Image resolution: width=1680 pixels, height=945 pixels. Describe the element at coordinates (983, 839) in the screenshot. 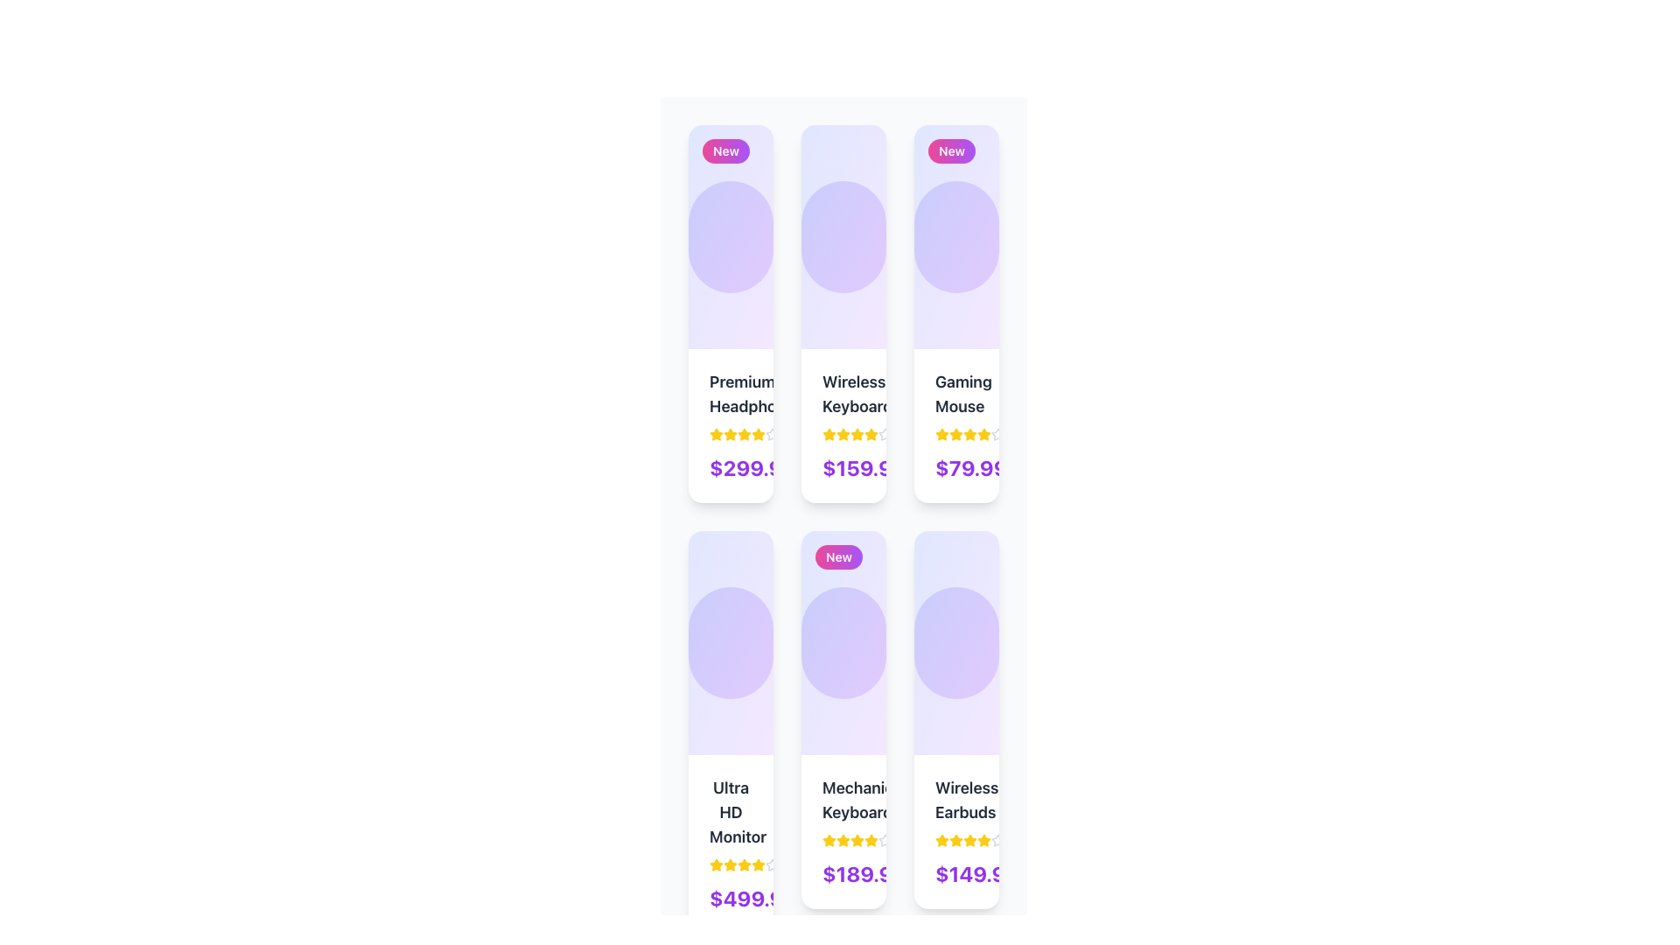

I see `the fourth star icon` at that location.